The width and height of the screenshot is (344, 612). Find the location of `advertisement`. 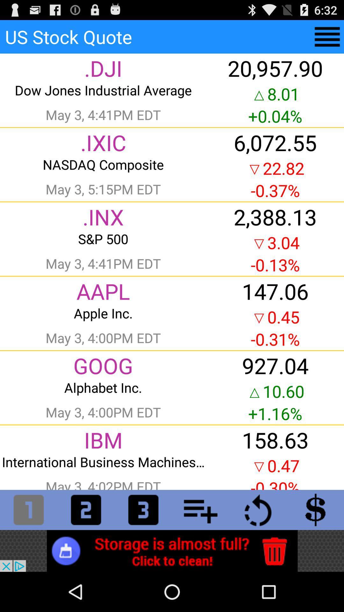

advertisement is located at coordinates (172, 550).